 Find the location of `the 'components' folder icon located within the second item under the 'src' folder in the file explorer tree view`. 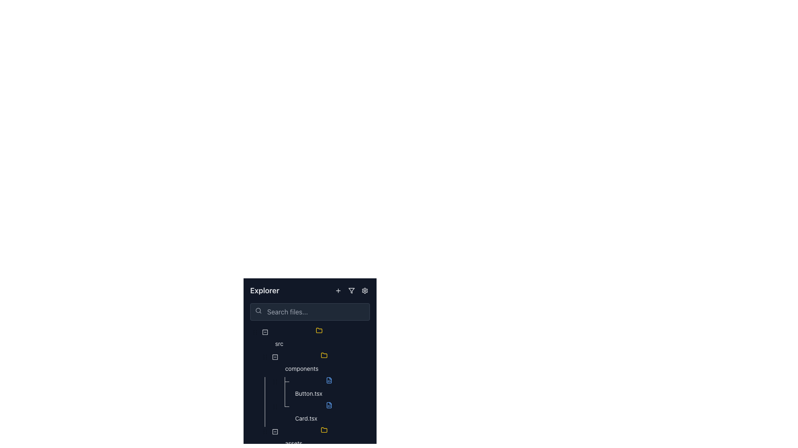

the 'components' folder icon located within the second item under the 'src' folder in the file explorer tree view is located at coordinates (323, 355).